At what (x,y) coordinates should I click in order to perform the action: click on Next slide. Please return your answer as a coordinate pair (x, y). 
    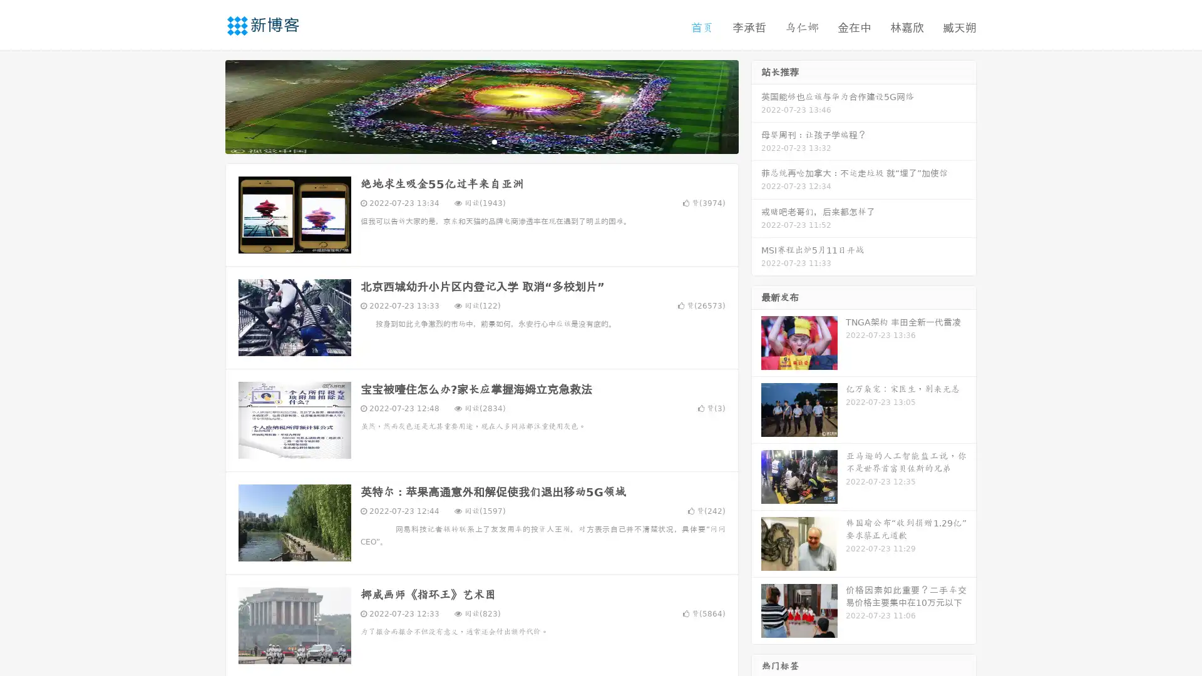
    Looking at the image, I should click on (756, 105).